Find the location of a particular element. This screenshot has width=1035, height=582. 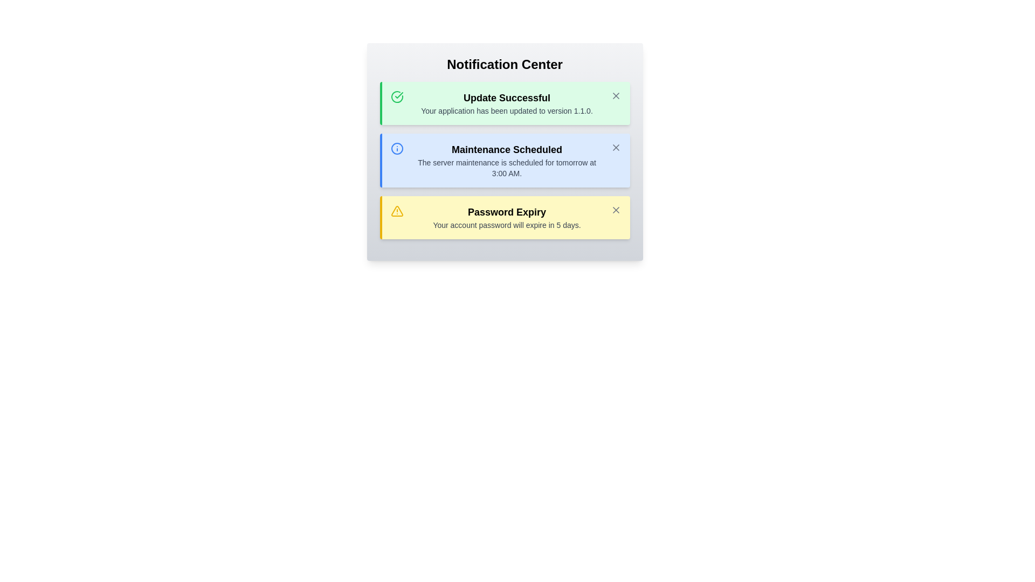

the green circular icon with a checkmark in its center, located at the top-left corner of the 'Update Successful' notification box is located at coordinates (396, 97).